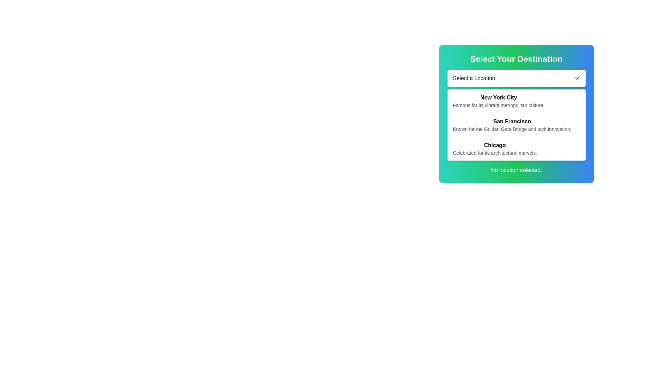  What do you see at coordinates (512, 125) in the screenshot?
I see `information displayed in the Text display element showing 'San Francisco' with the description about the Golden Gate Bridge and tech innovation, located under 'Select Your Destination.'` at bounding box center [512, 125].